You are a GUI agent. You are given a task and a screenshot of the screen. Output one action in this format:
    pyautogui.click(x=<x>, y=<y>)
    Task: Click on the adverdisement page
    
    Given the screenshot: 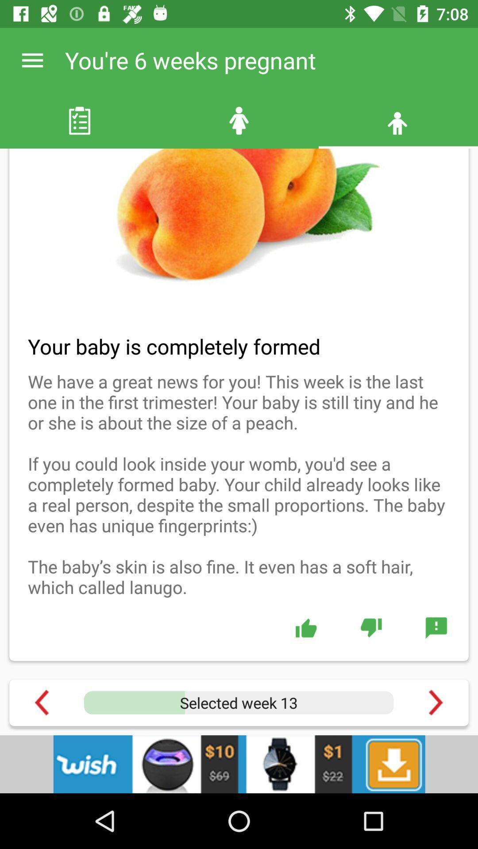 What is the action you would take?
    pyautogui.click(x=239, y=764)
    